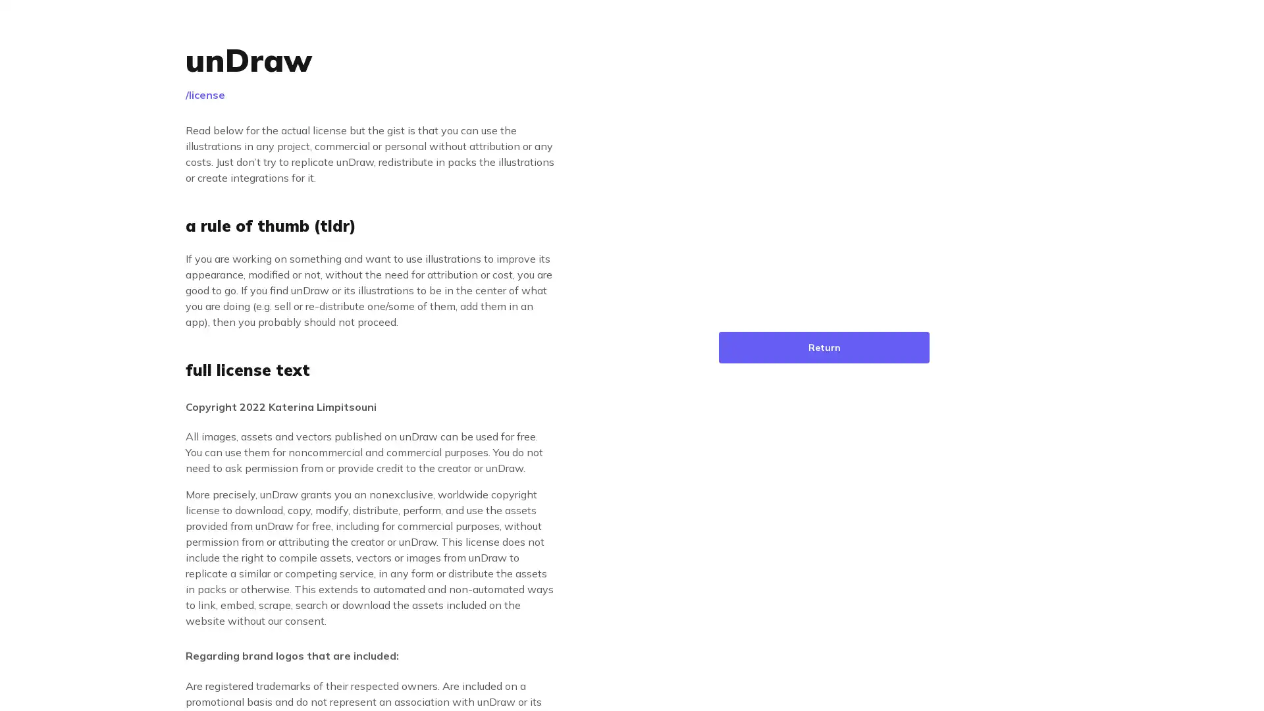 The image size is (1264, 711). Describe the element at coordinates (824, 347) in the screenshot. I see `Return` at that location.